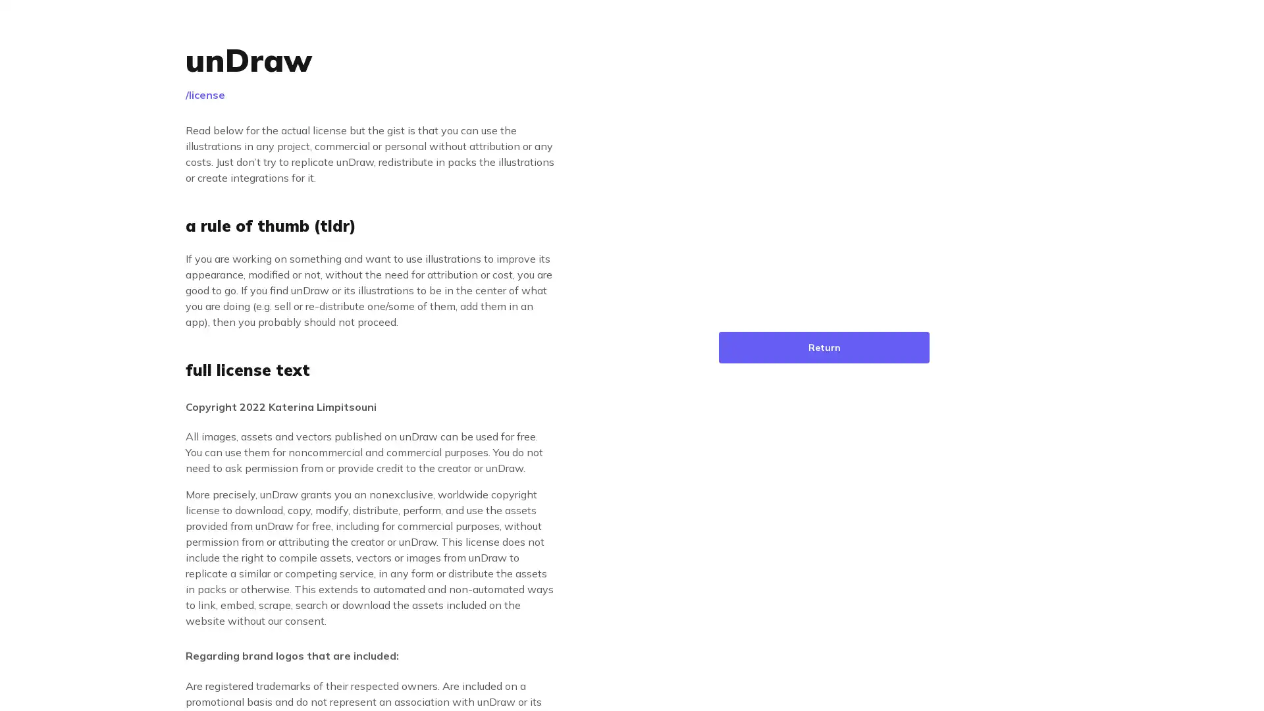 The image size is (1264, 711). Describe the element at coordinates (824, 347) in the screenshot. I see `Return` at that location.